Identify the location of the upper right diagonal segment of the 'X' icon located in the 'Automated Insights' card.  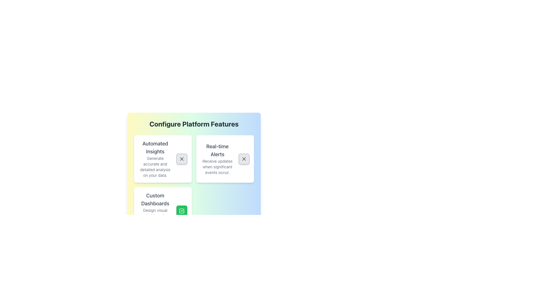
(182, 159).